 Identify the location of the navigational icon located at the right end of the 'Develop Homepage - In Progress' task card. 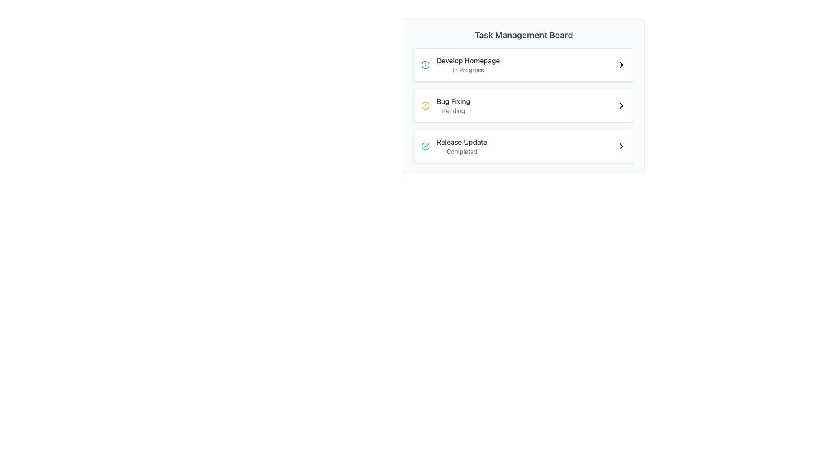
(621, 65).